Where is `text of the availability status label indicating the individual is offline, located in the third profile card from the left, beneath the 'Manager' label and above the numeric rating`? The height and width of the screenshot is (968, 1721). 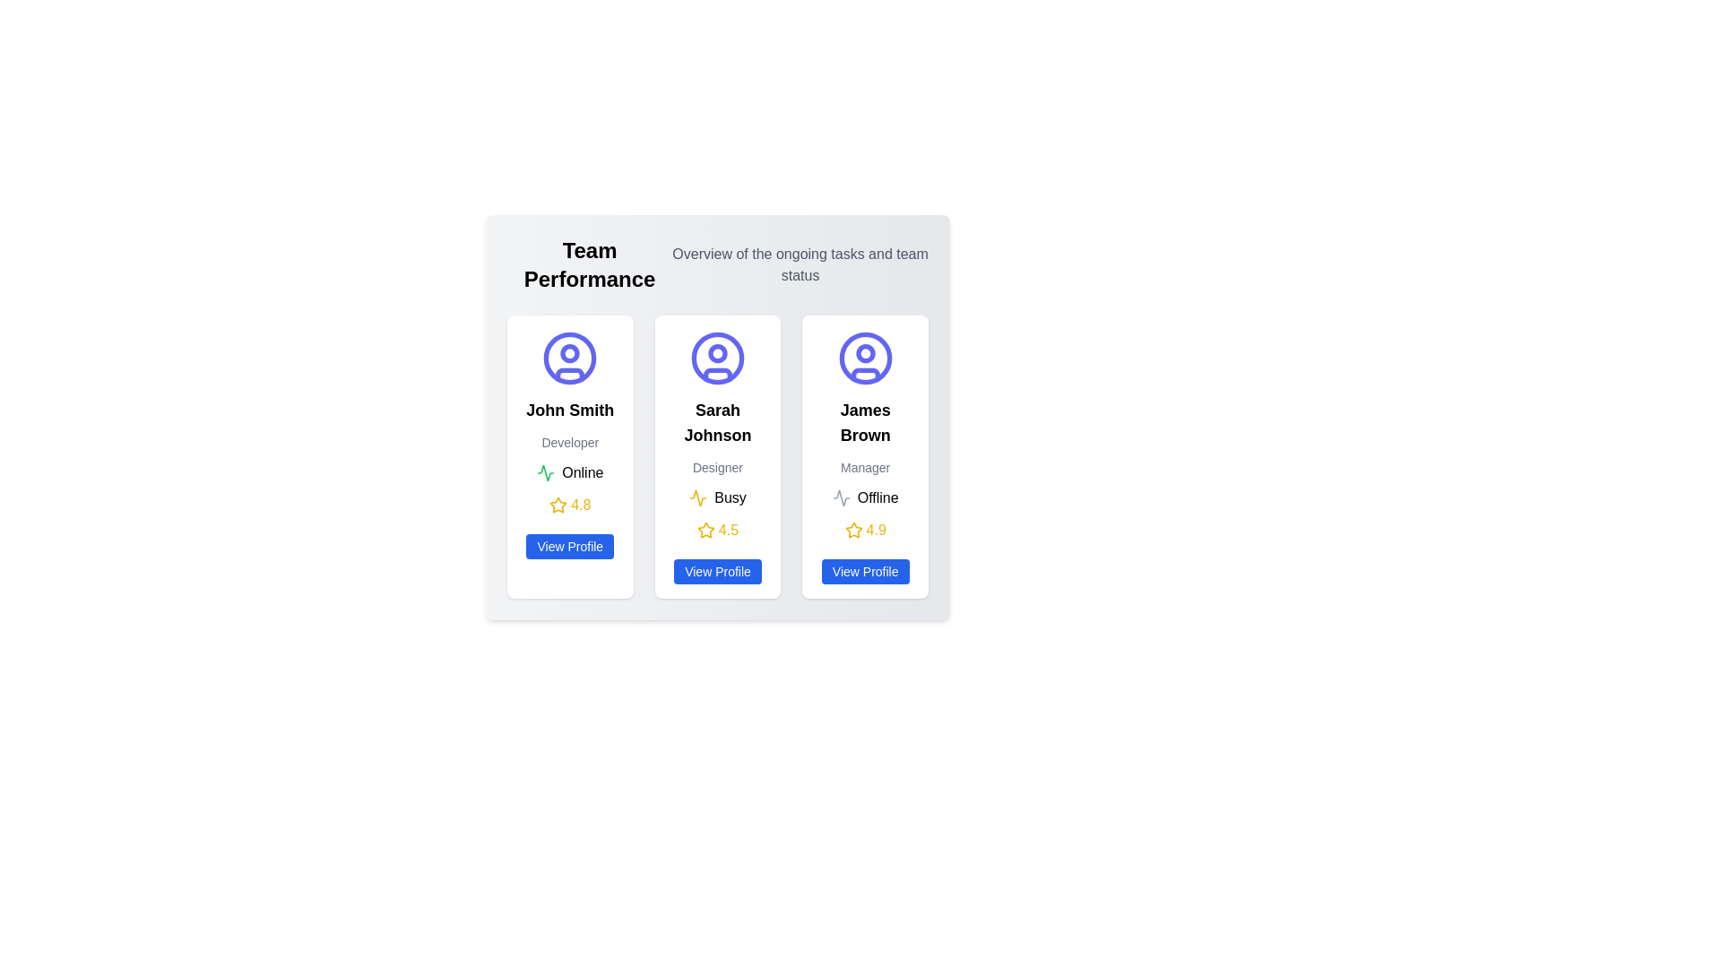
text of the availability status label indicating the individual is offline, located in the third profile card from the left, beneath the 'Manager' label and above the numeric rating is located at coordinates (878, 497).